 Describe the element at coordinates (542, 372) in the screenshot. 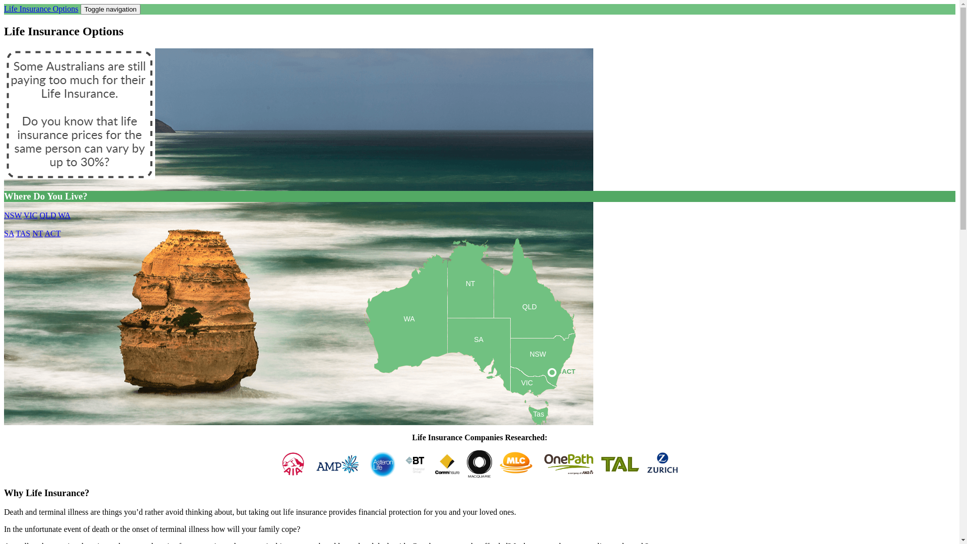

I see `'NSW'` at that location.